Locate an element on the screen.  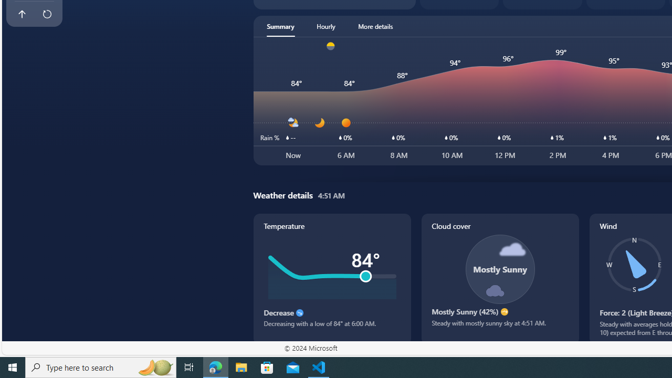
'More details' is located at coordinates (375, 26).